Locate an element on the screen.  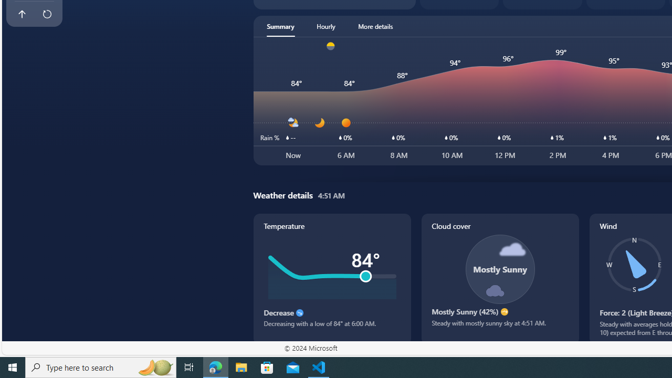
'More details' is located at coordinates (375, 26).